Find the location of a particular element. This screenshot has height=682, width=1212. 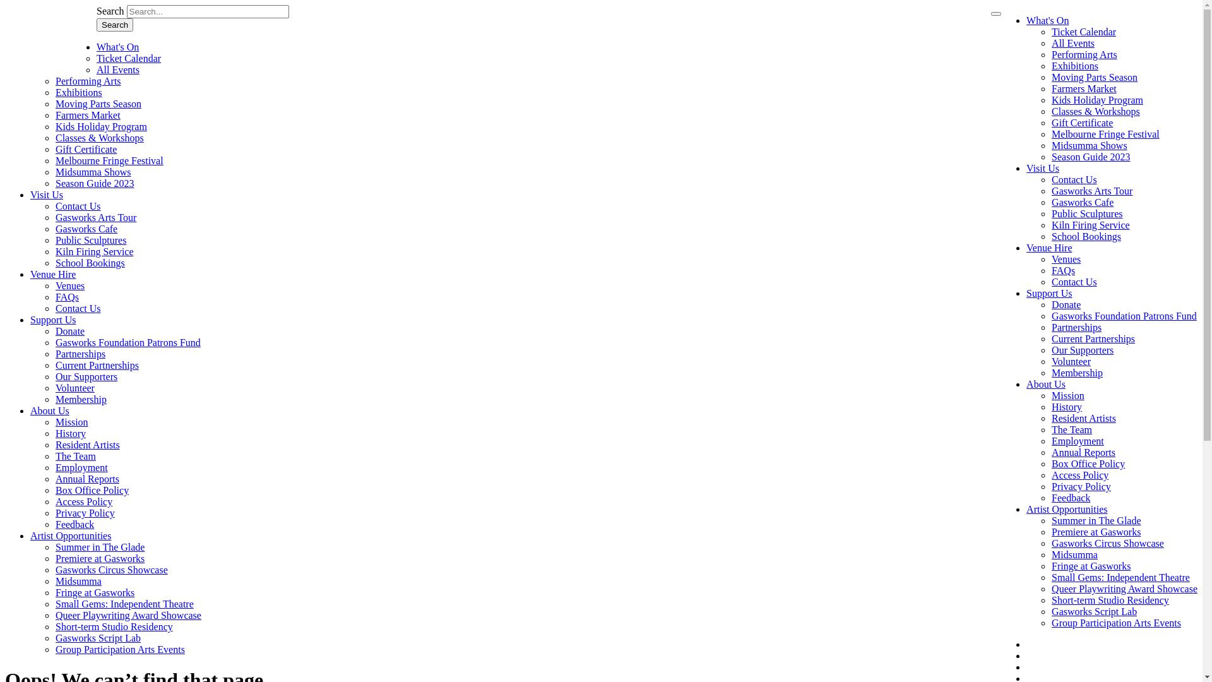

'Exhibitions' is located at coordinates (78, 92).